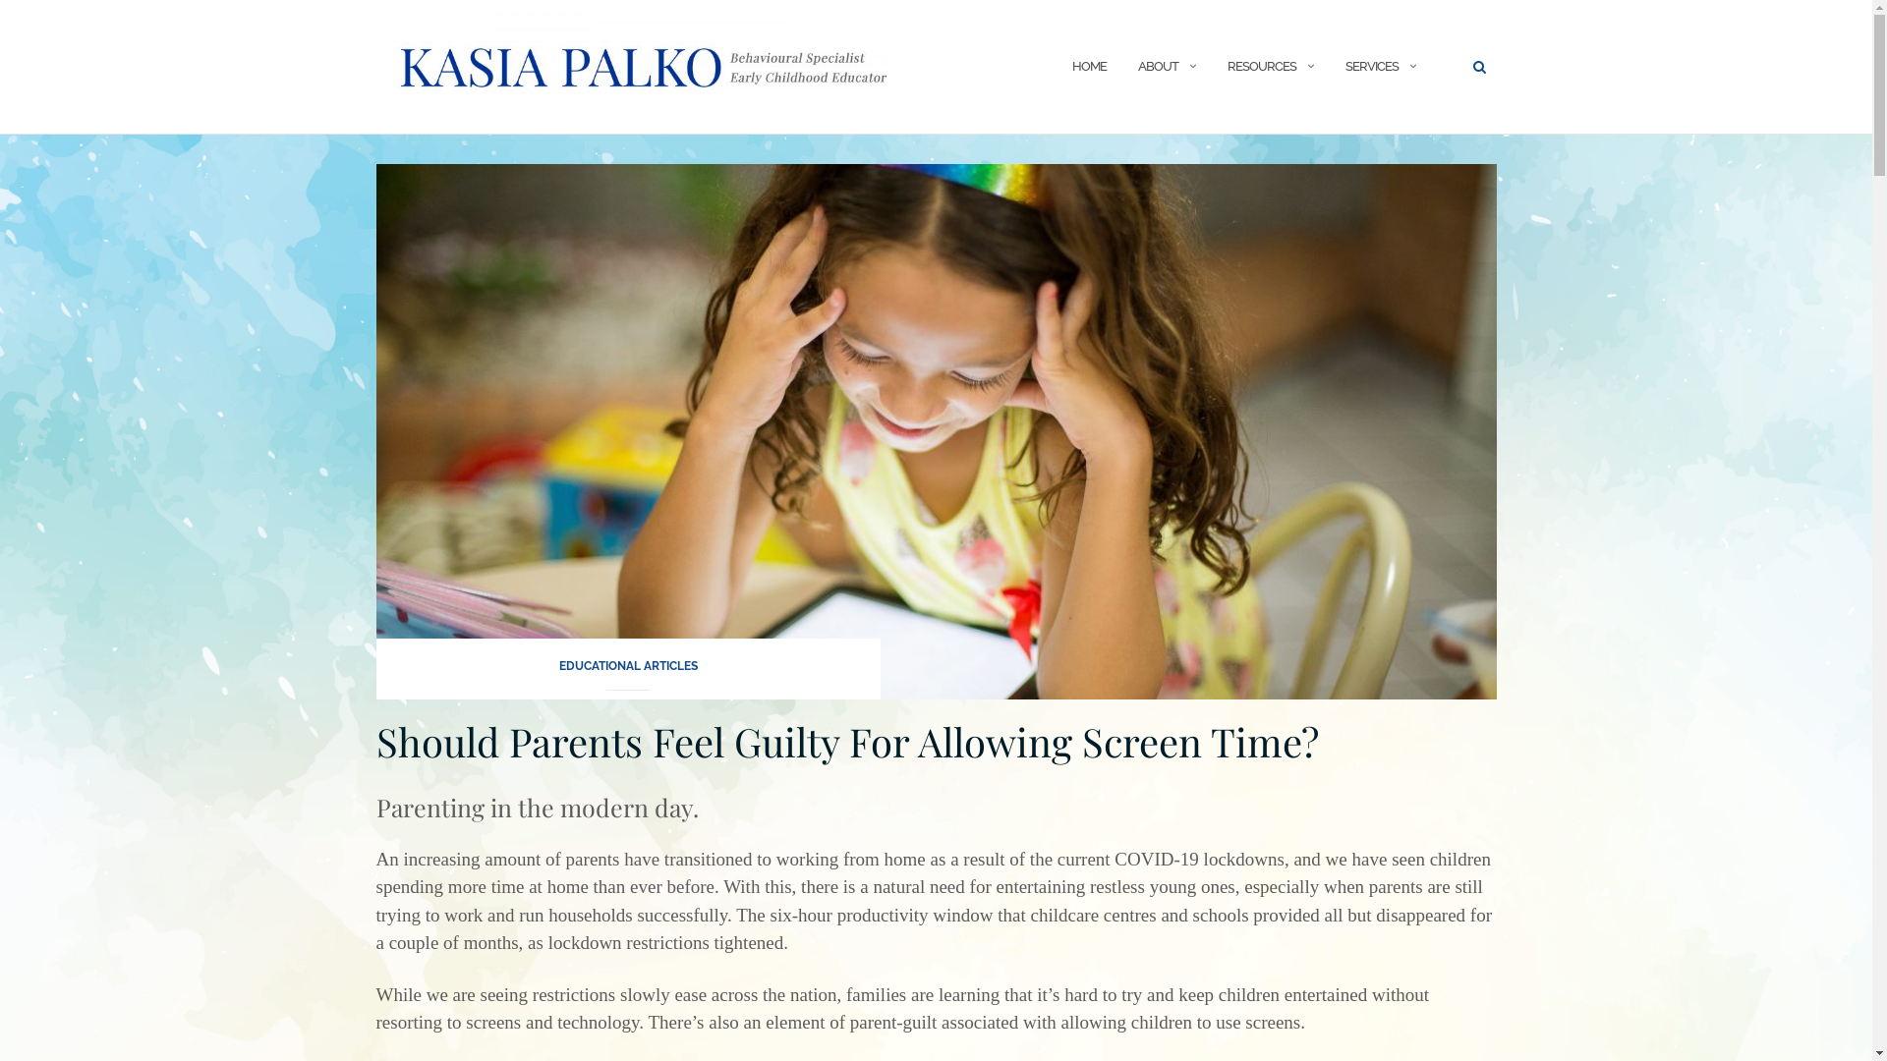  What do you see at coordinates (626, 671) in the screenshot?
I see `'EDUCATIONAL ARTICLES'` at bounding box center [626, 671].